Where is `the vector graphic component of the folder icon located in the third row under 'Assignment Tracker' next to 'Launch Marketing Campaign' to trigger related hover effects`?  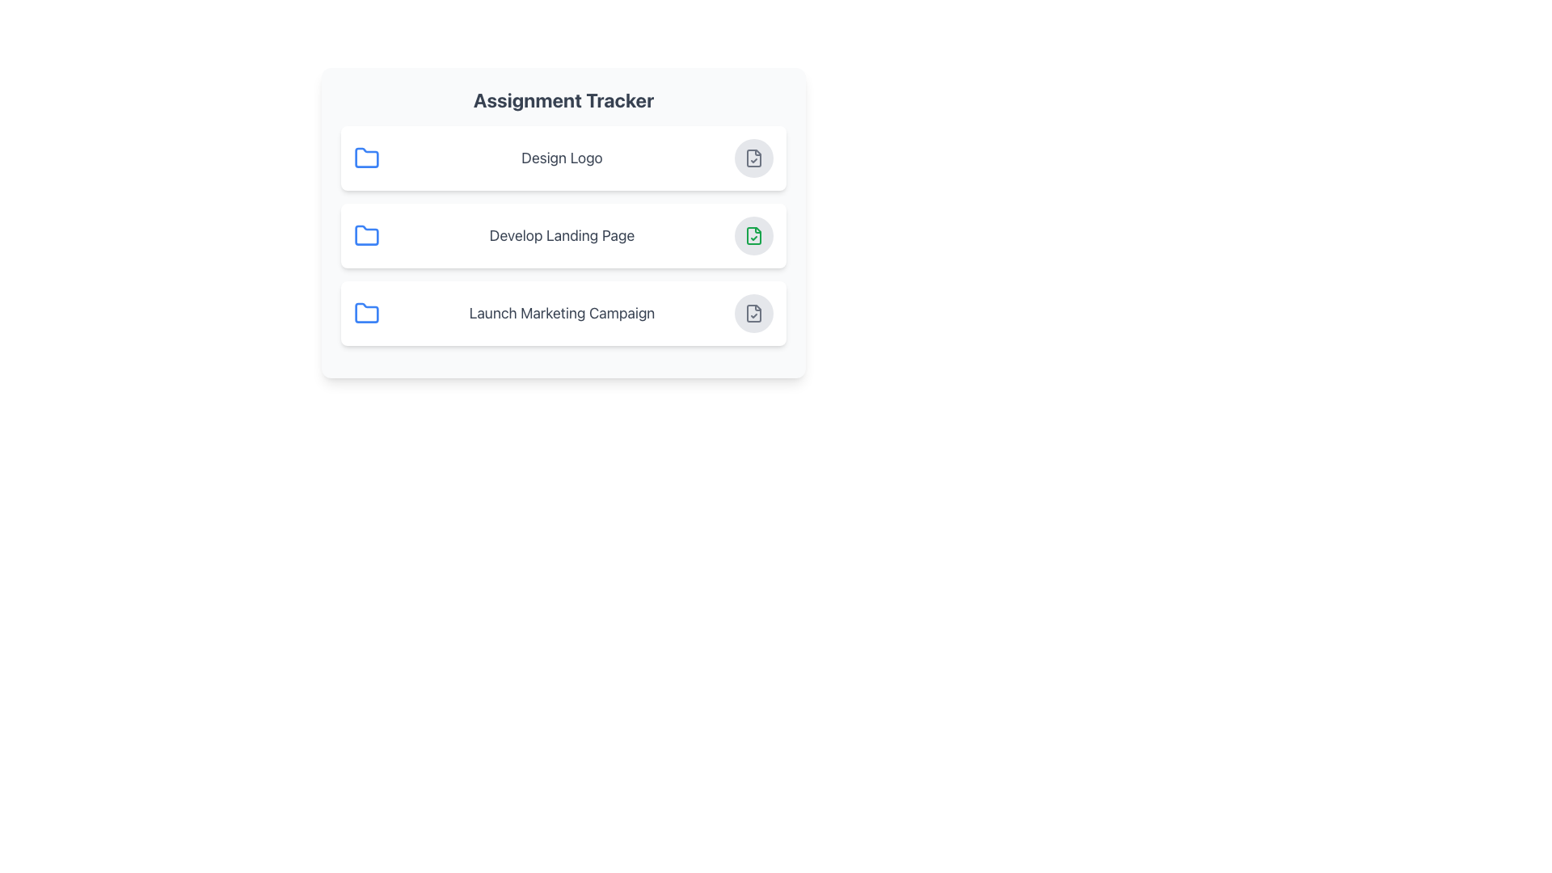 the vector graphic component of the folder icon located in the third row under 'Assignment Tracker' next to 'Launch Marketing Campaign' to trigger related hover effects is located at coordinates (366, 312).